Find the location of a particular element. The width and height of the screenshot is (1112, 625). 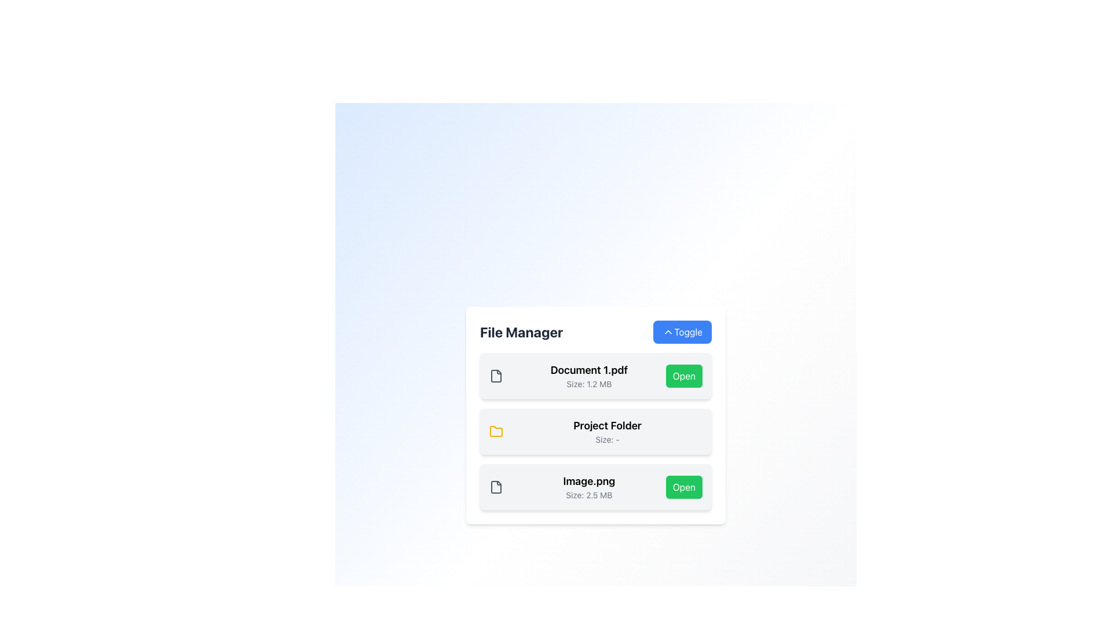

the 'Project Folder' list item in the file manager interface, which features a folder icon on the left and a bold title is located at coordinates (595, 431).